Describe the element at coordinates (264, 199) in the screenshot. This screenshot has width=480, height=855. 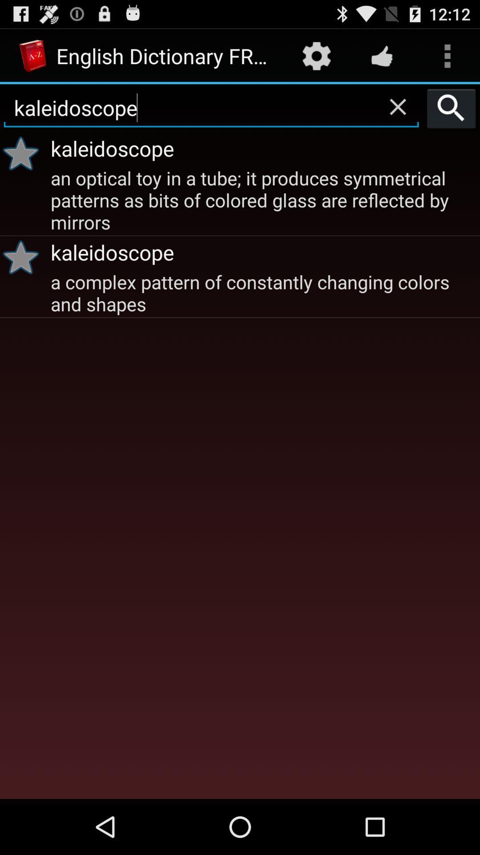
I see `the an optical toy icon` at that location.